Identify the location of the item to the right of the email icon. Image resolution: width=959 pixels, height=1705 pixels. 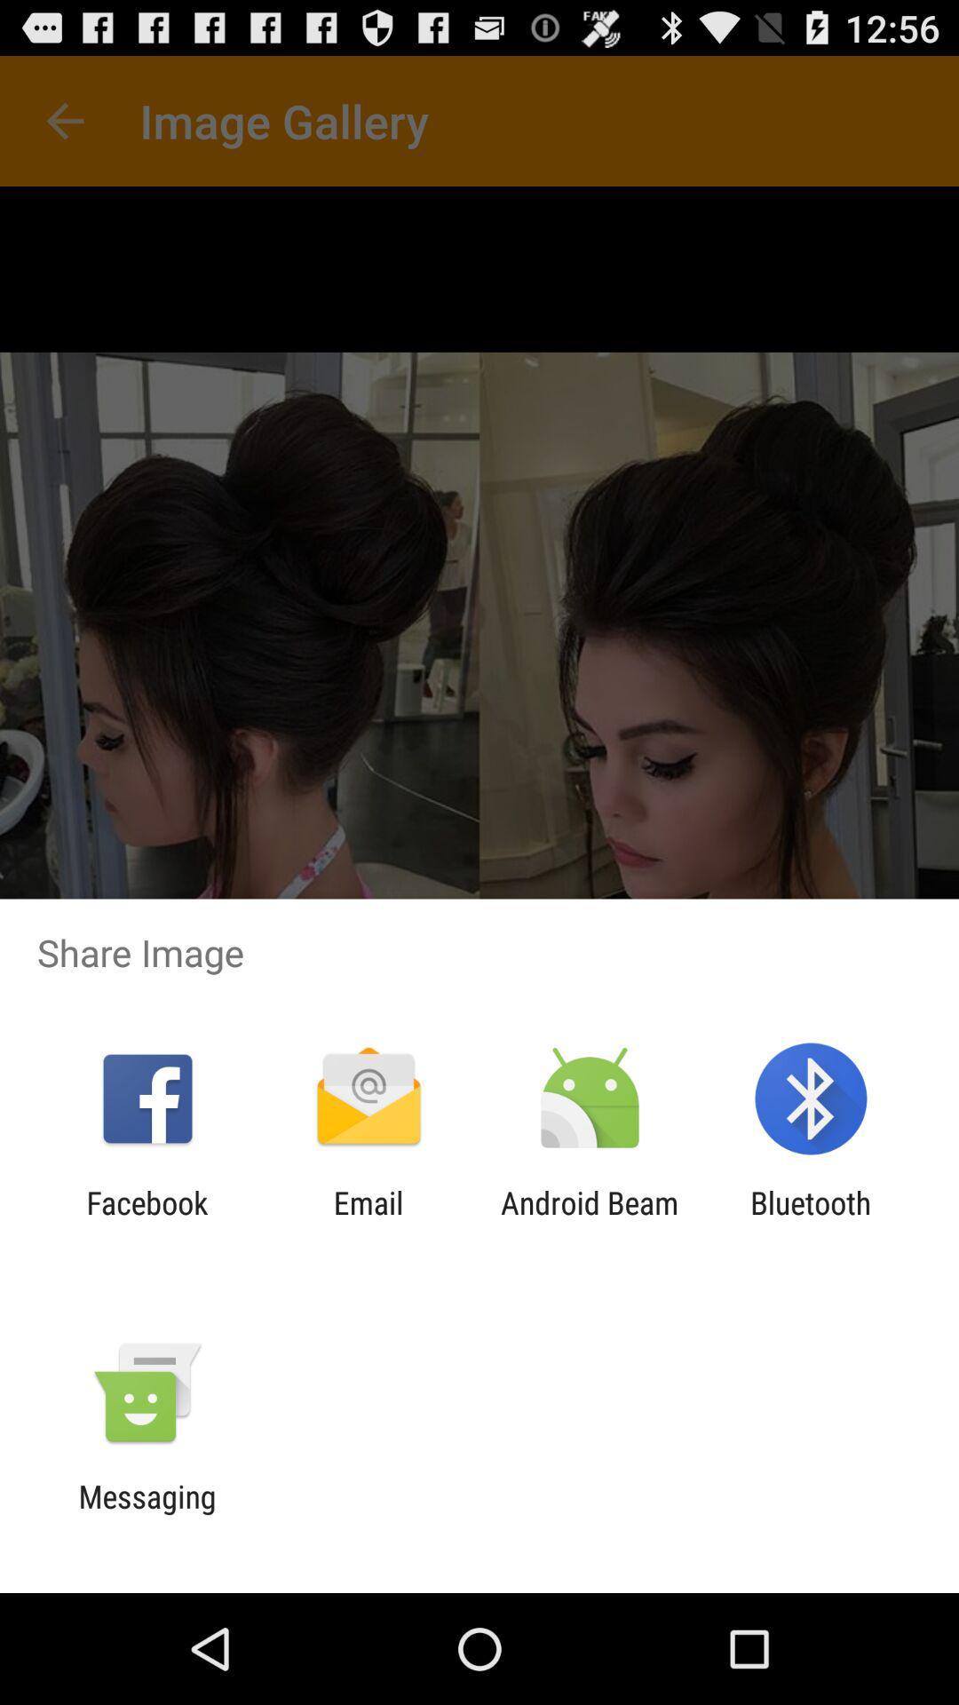
(590, 1220).